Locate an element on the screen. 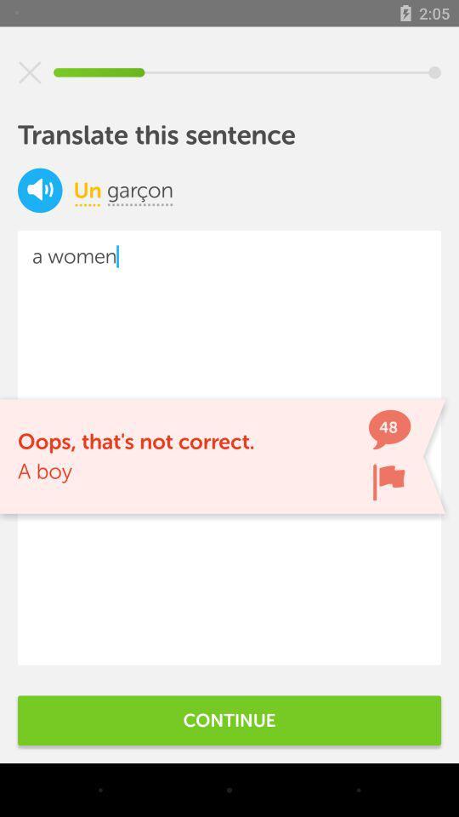  icon next to   icon is located at coordinates (139, 190).